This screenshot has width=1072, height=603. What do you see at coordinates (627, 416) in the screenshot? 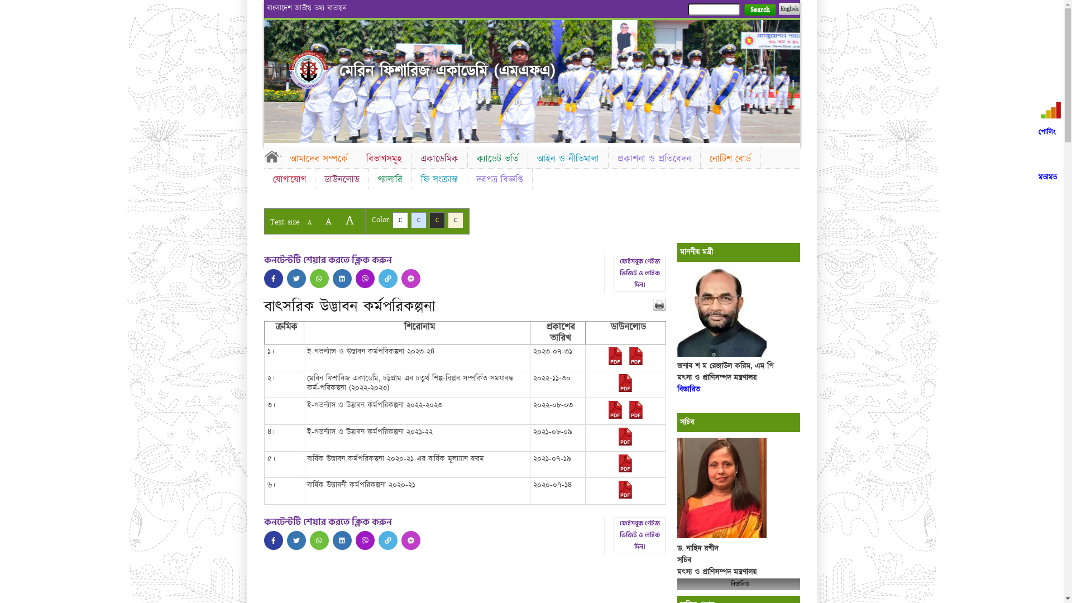
I see `'2022-08-03-06-26-35bdcedc01a4f4789b7ebbffe92531ee.pdf'` at bounding box center [627, 416].